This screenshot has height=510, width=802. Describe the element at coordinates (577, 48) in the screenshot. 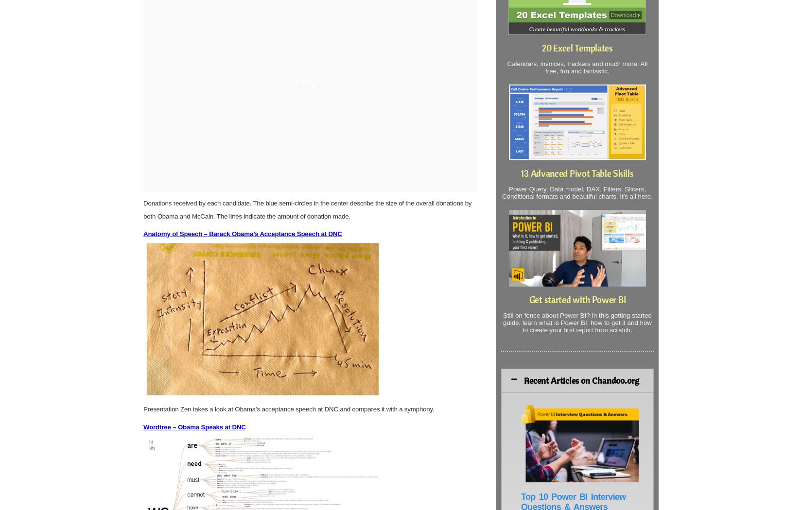

I see `'20 Excel Templates'` at that location.